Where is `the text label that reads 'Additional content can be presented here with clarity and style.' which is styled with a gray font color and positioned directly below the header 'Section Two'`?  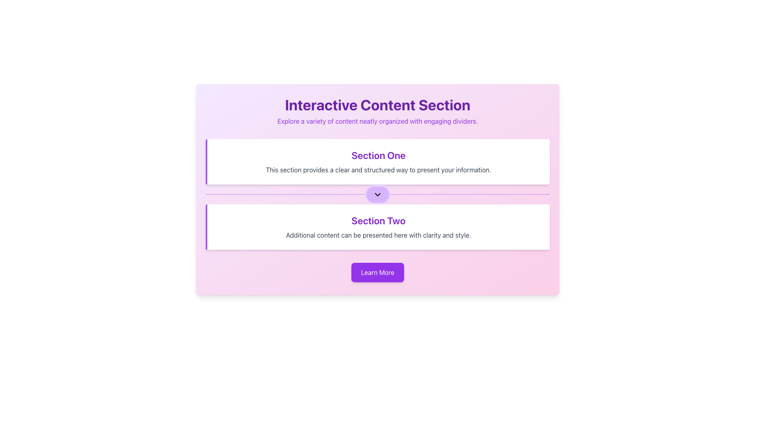 the text label that reads 'Additional content can be presented here with clarity and style.' which is styled with a gray font color and positioned directly below the header 'Section Two' is located at coordinates (378, 235).